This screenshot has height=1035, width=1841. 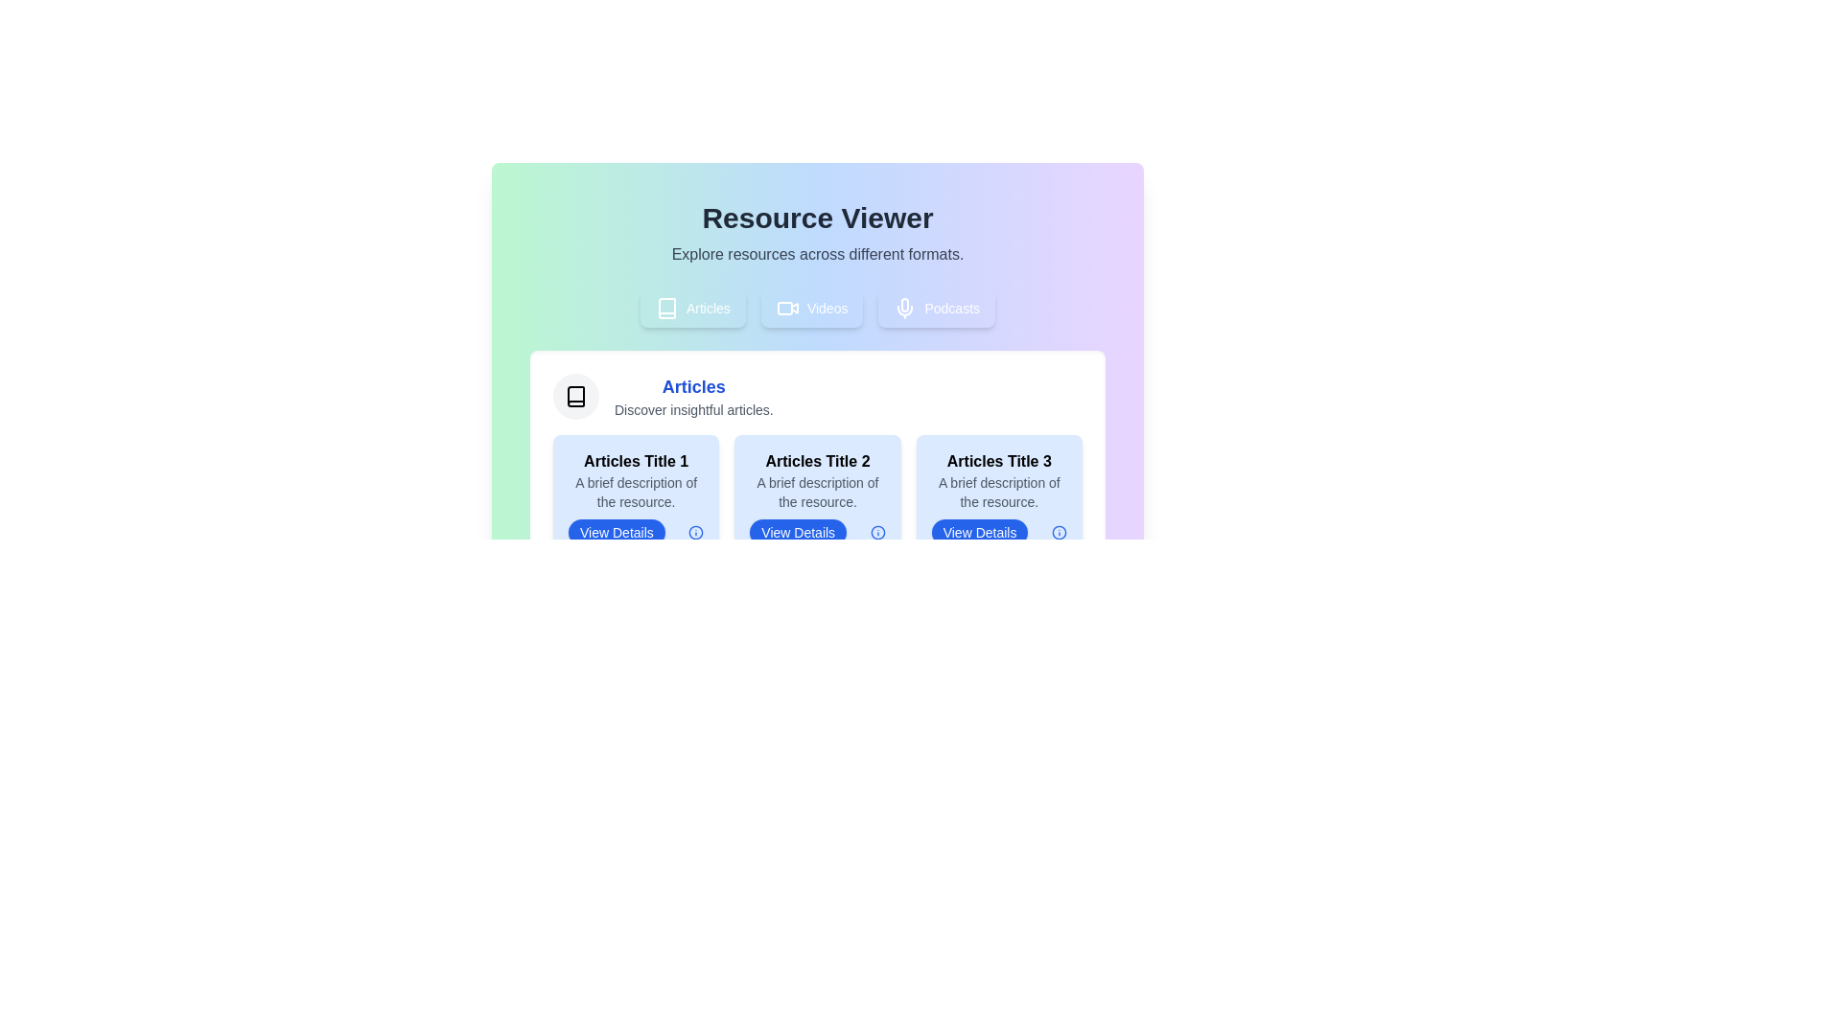 I want to click on titles and descriptions from the Text Label displaying 'Articles' and 'Discover insightful articles.' located near the upper-middle part of the interface, beneath a book icon, so click(x=692, y=395).